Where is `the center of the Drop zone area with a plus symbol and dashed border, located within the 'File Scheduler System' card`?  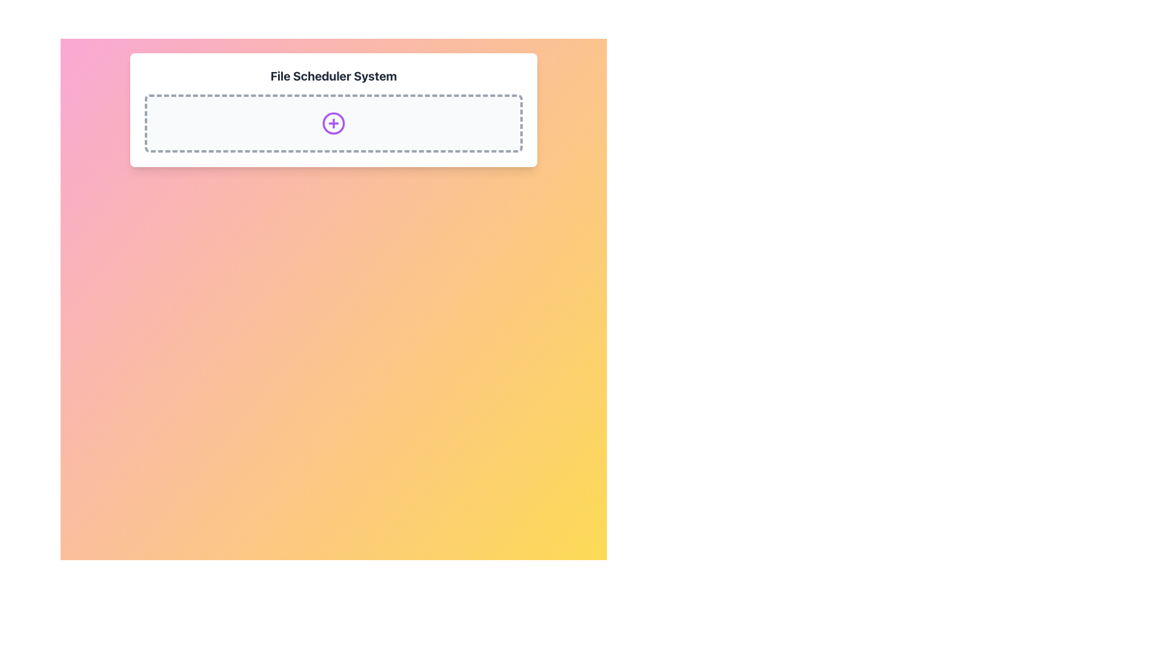 the center of the Drop zone area with a plus symbol and dashed border, located within the 'File Scheduler System' card is located at coordinates (334, 124).